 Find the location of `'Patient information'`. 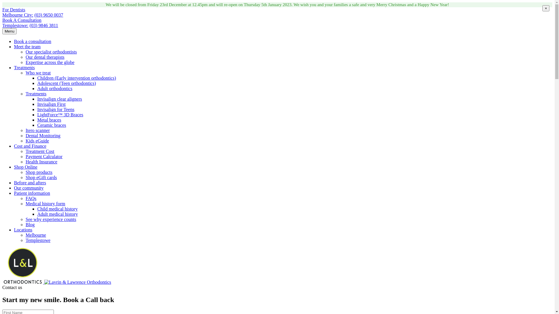

'Patient information' is located at coordinates (32, 193).